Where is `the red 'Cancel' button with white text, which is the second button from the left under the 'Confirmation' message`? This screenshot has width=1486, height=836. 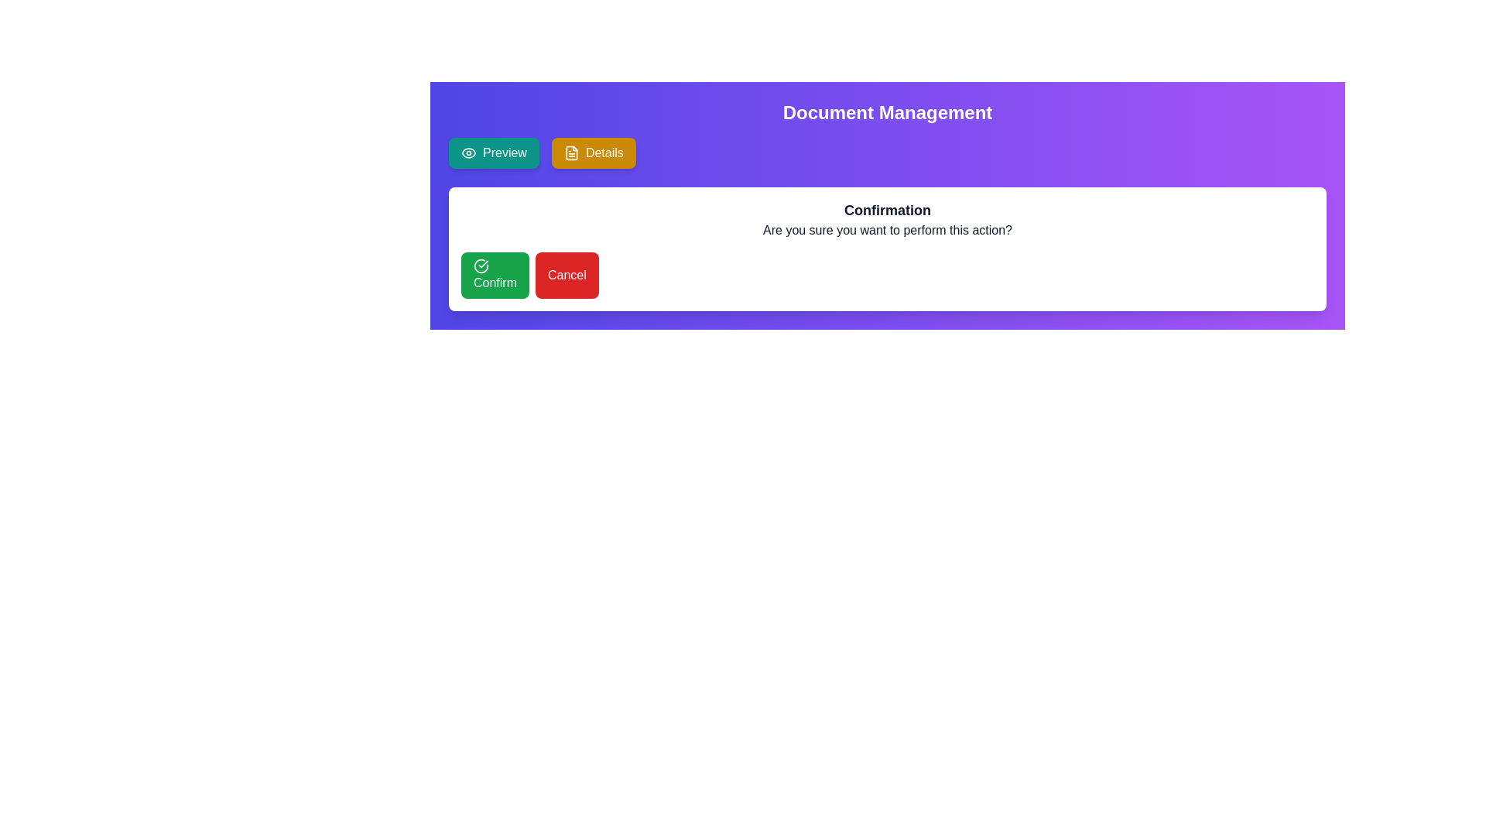 the red 'Cancel' button with white text, which is the second button from the left under the 'Confirmation' message is located at coordinates (566, 274).